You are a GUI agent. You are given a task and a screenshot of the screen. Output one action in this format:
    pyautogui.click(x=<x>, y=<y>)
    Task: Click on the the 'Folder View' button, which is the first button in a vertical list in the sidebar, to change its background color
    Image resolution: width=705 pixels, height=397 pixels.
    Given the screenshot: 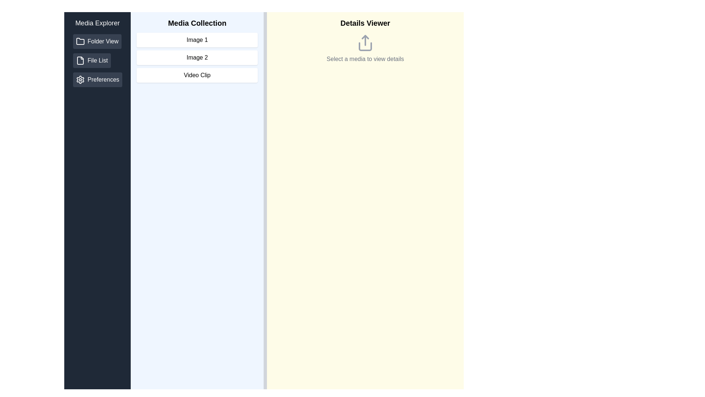 What is the action you would take?
    pyautogui.click(x=97, y=41)
    